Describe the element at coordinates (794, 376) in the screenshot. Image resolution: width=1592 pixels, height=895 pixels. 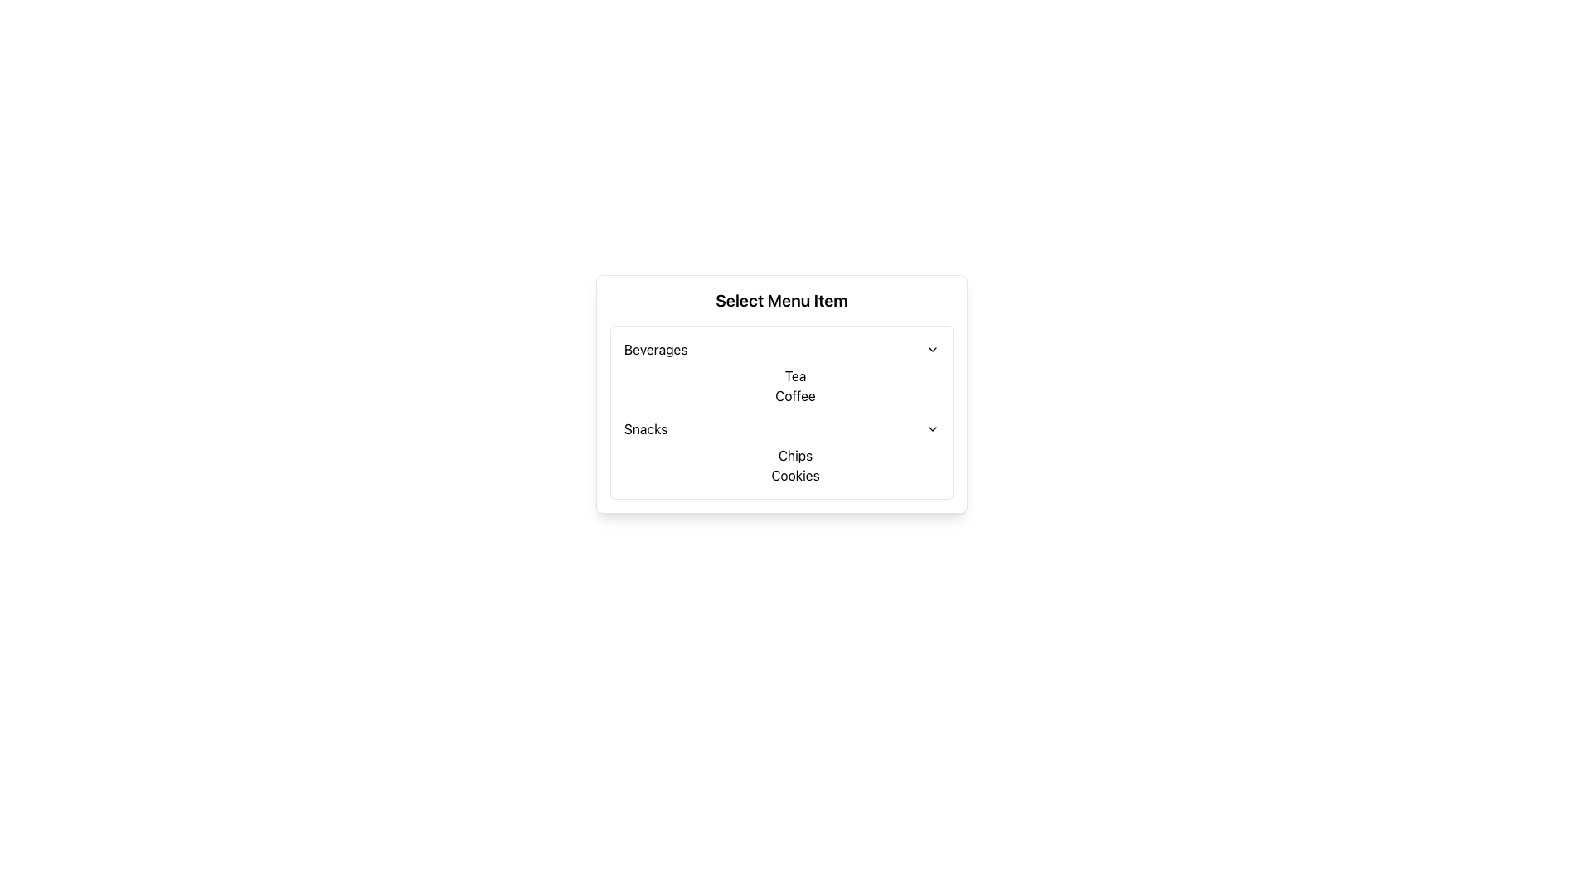
I see `the list item displaying 'Tea' in the Beverages section` at that location.